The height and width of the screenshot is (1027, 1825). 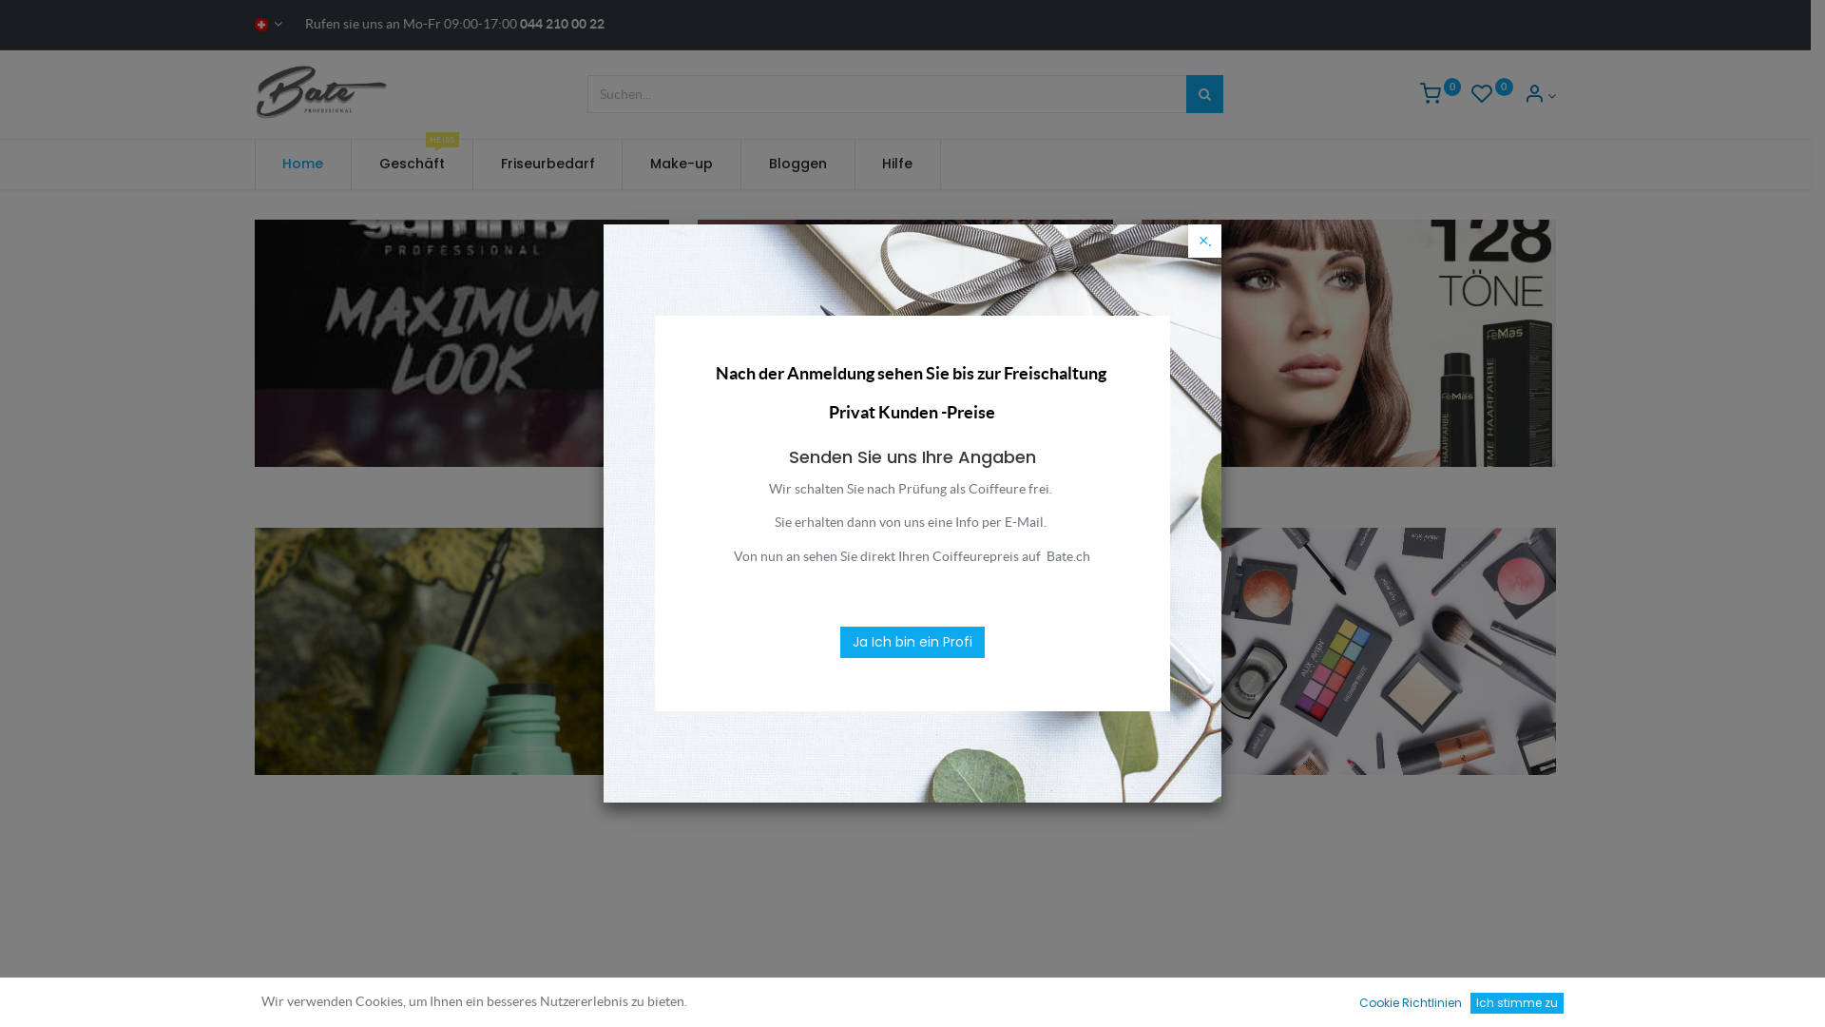 I want to click on '0', so click(x=1490, y=95).